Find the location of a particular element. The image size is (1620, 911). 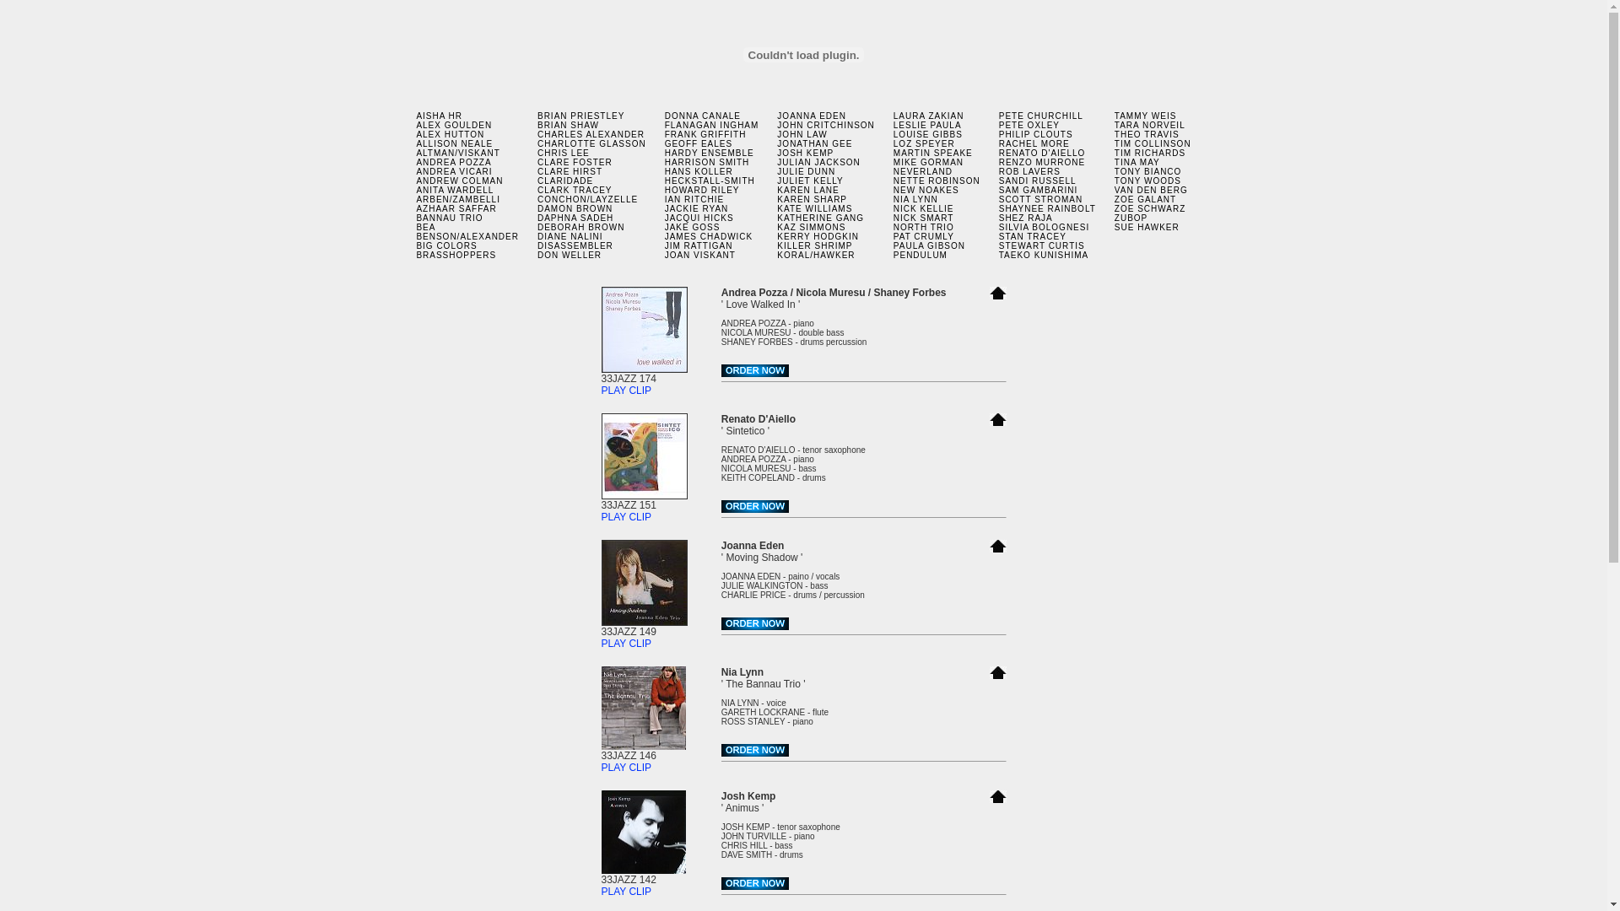

'LOZ SPEYER' is located at coordinates (923, 143).